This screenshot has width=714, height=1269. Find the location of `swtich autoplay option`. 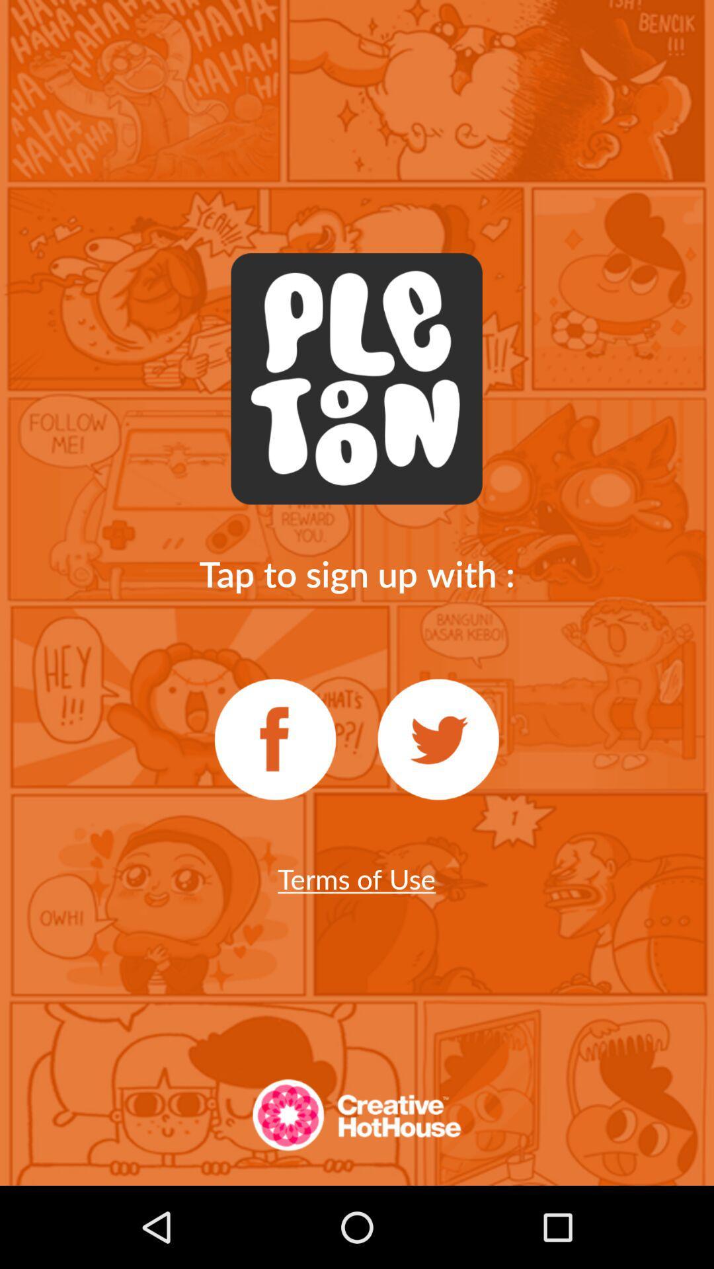

swtich autoplay option is located at coordinates (274, 739).